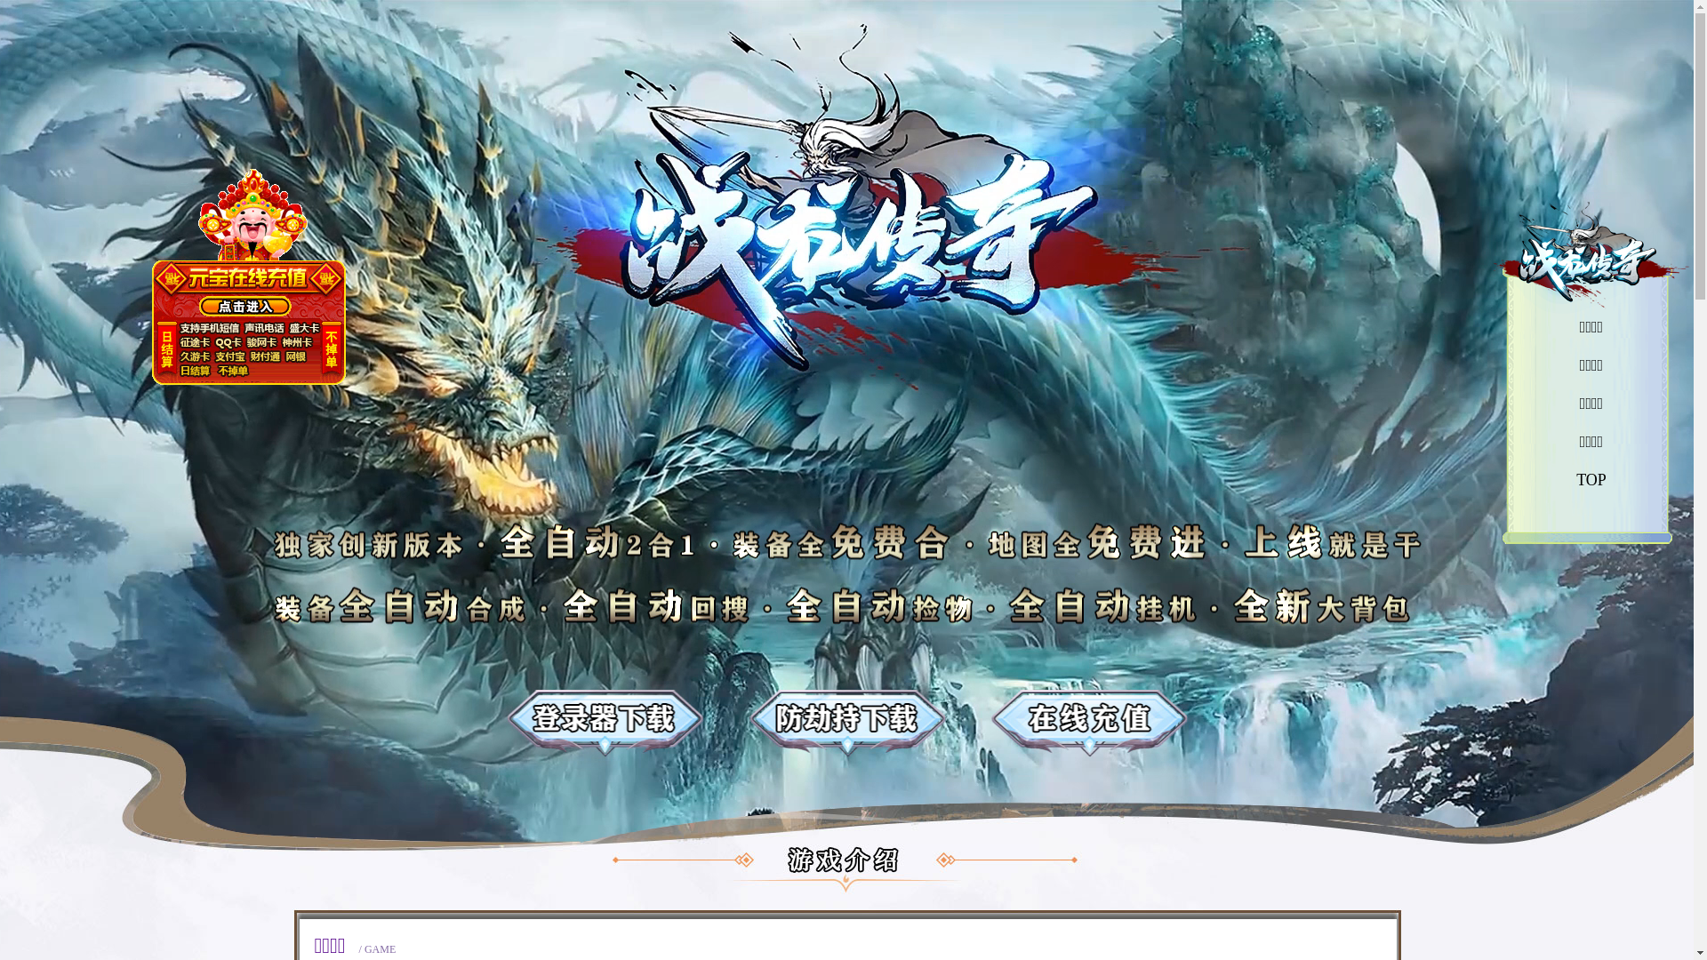 The image size is (1707, 960). Describe the element at coordinates (1591, 480) in the screenshot. I see `'TOP'` at that location.